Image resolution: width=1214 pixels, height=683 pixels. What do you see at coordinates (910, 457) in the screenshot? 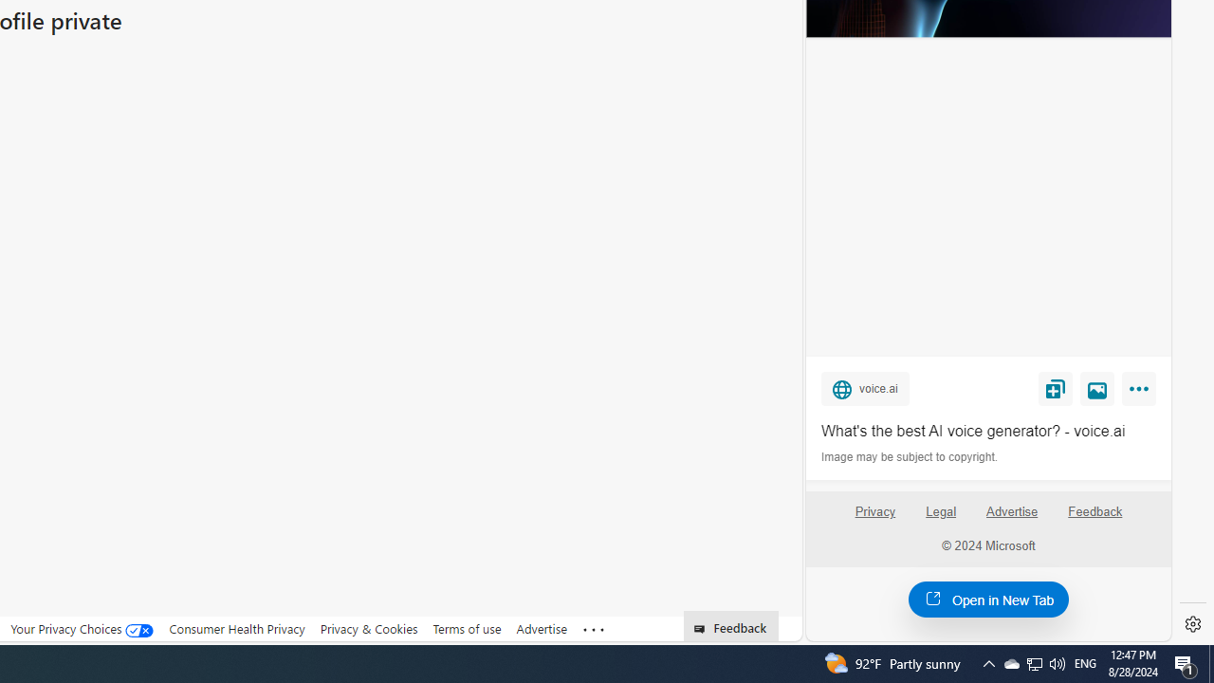
I see `'Image may be subject to copyright.'` at bounding box center [910, 457].